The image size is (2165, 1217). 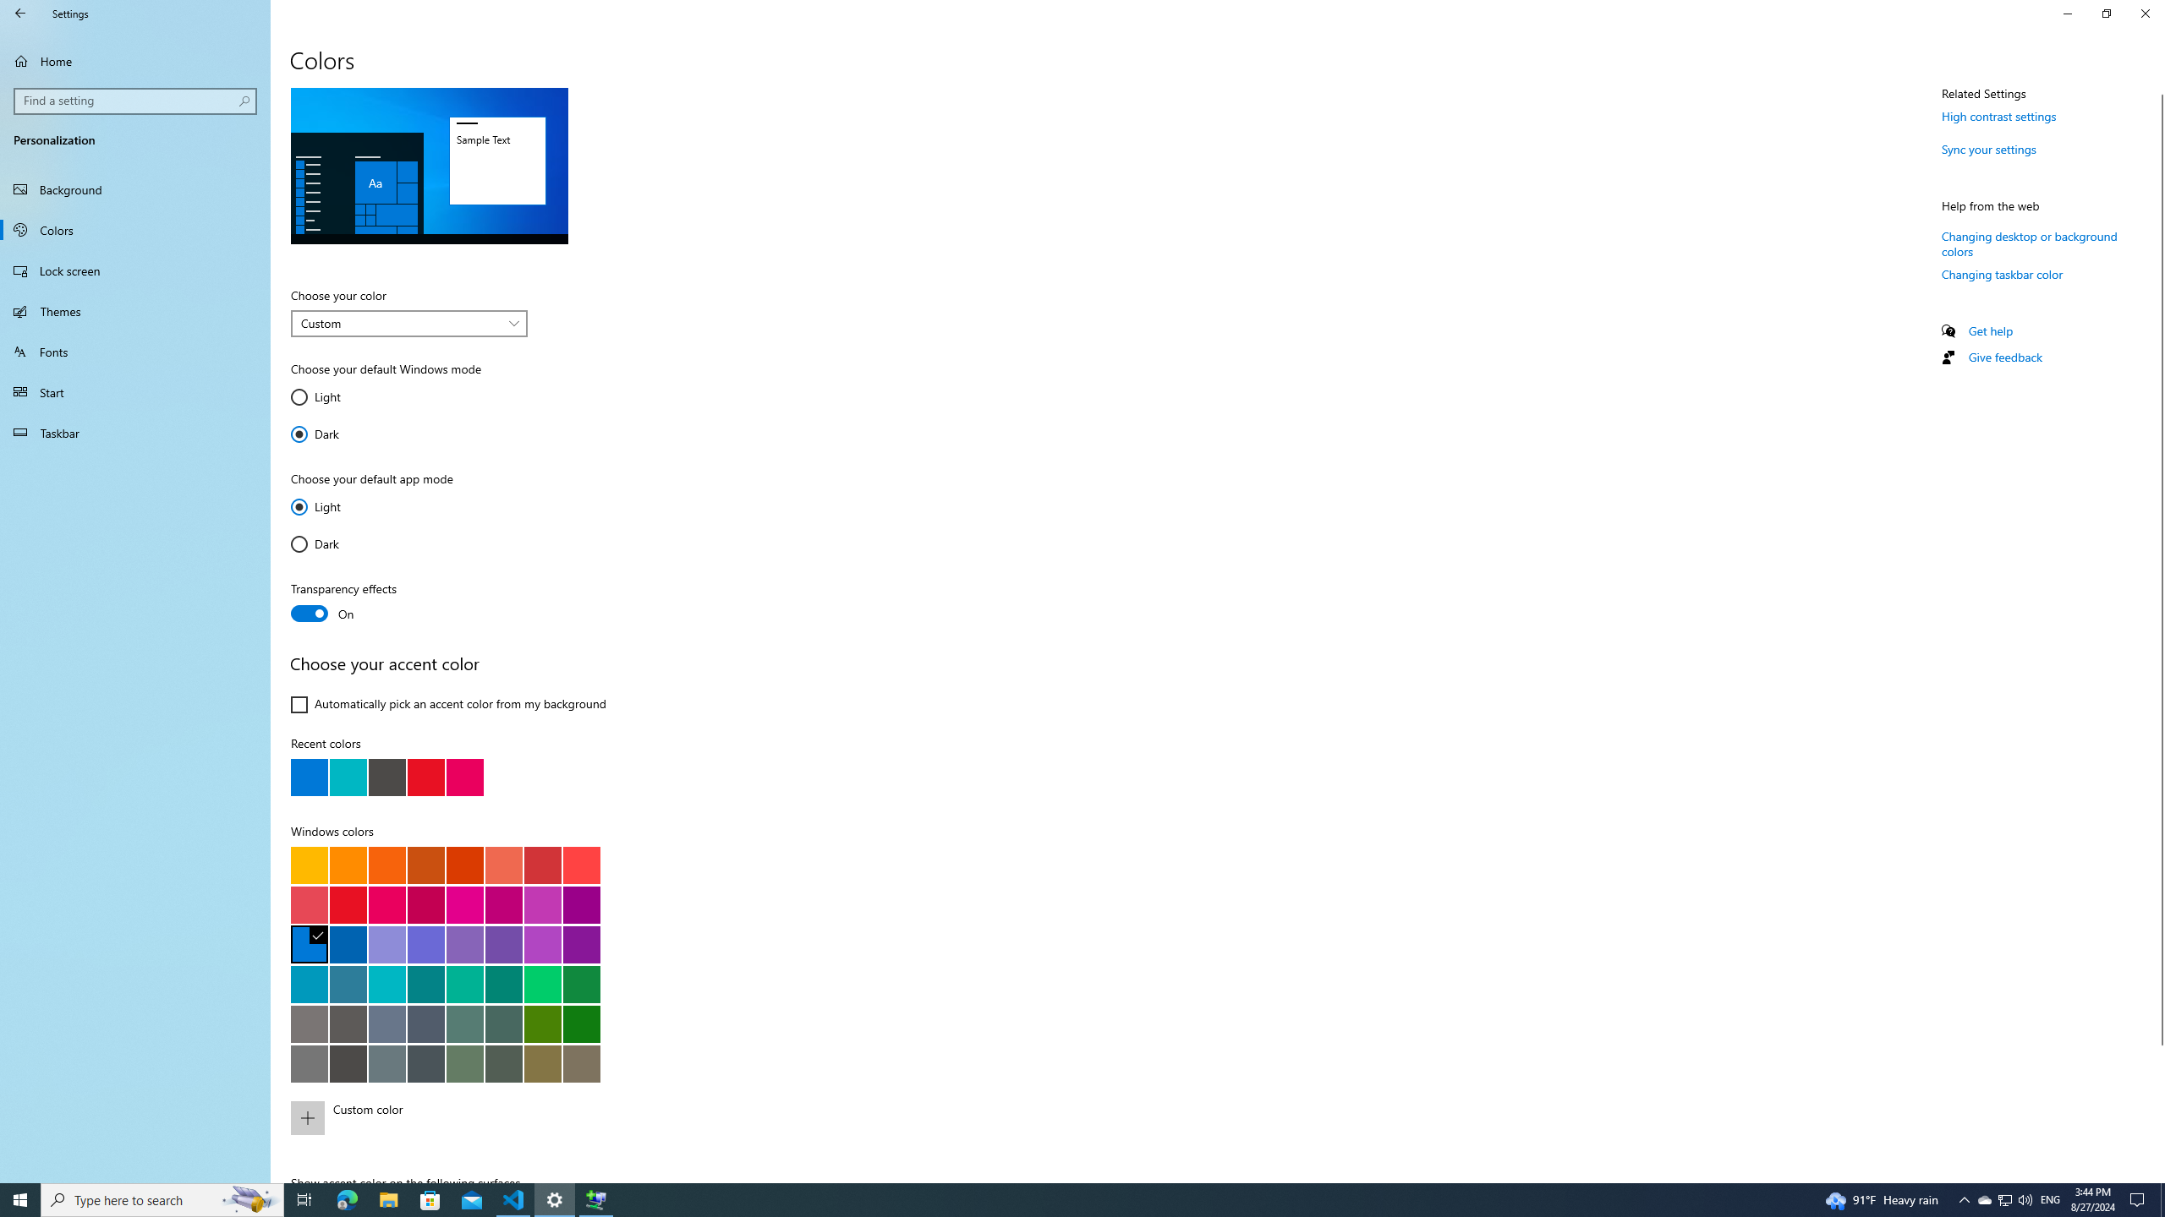 I want to click on 'Dark', so click(x=341, y=543).